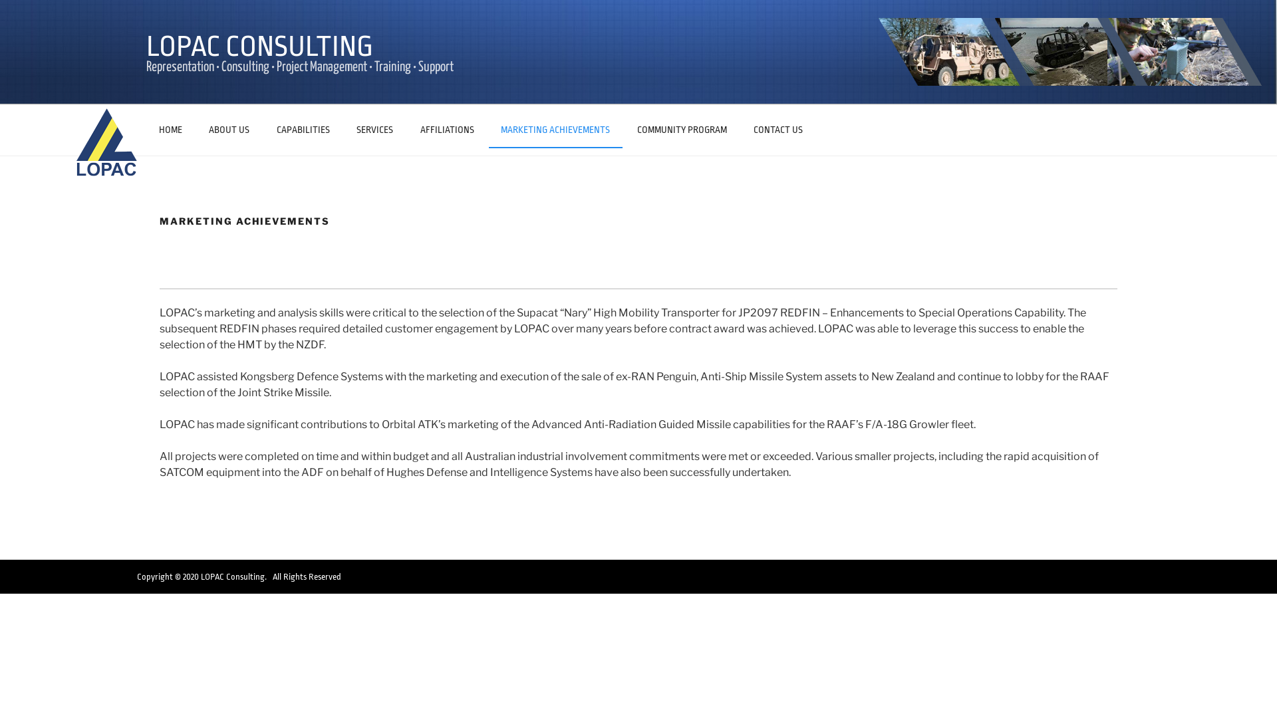 The width and height of the screenshot is (1277, 718). Describe the element at coordinates (170, 129) in the screenshot. I see `'HOME'` at that location.